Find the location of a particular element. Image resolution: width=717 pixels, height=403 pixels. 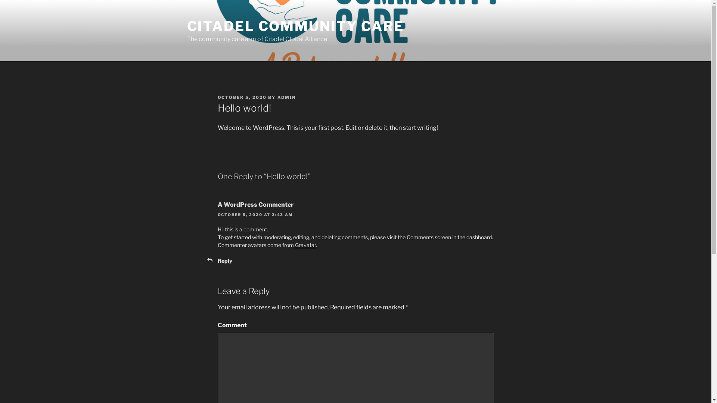

'Reply' is located at coordinates (224, 260).